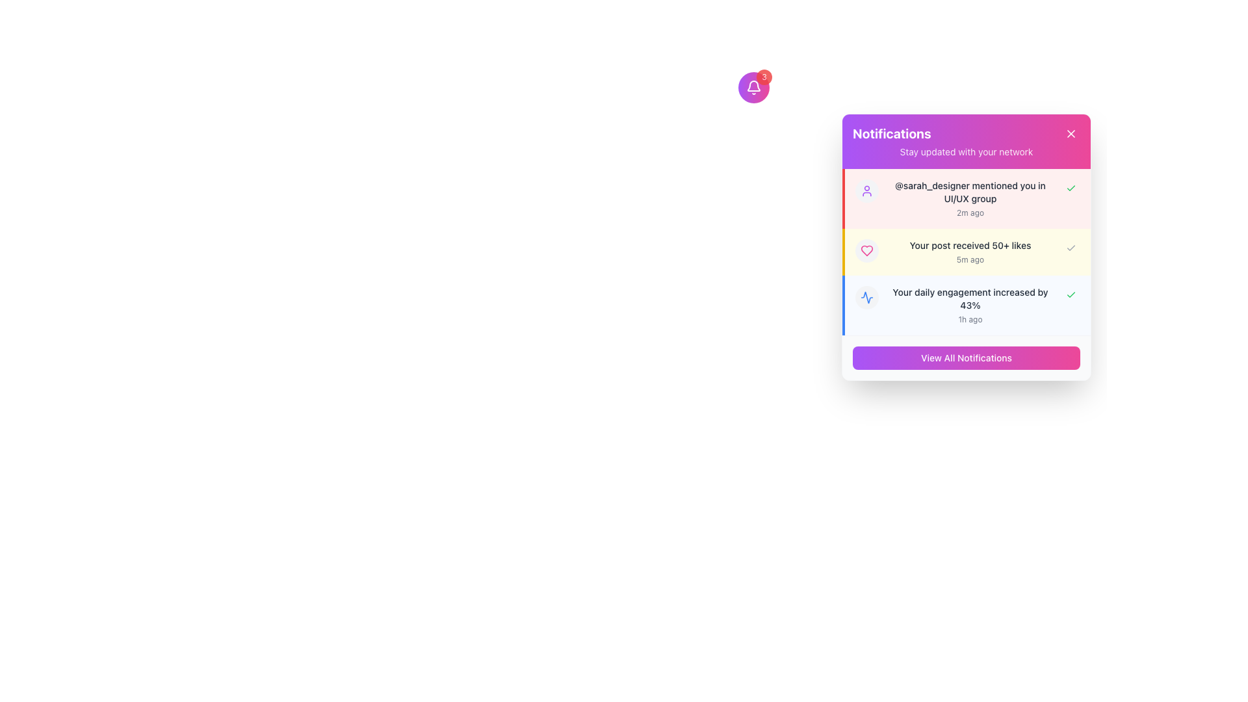 The image size is (1248, 702). What do you see at coordinates (867, 190) in the screenshot?
I see `the user profile icon, a circular icon with a light gray background and a purple silhouette, located in the top-left corner of the notification row for '@sarah_designer.'` at bounding box center [867, 190].